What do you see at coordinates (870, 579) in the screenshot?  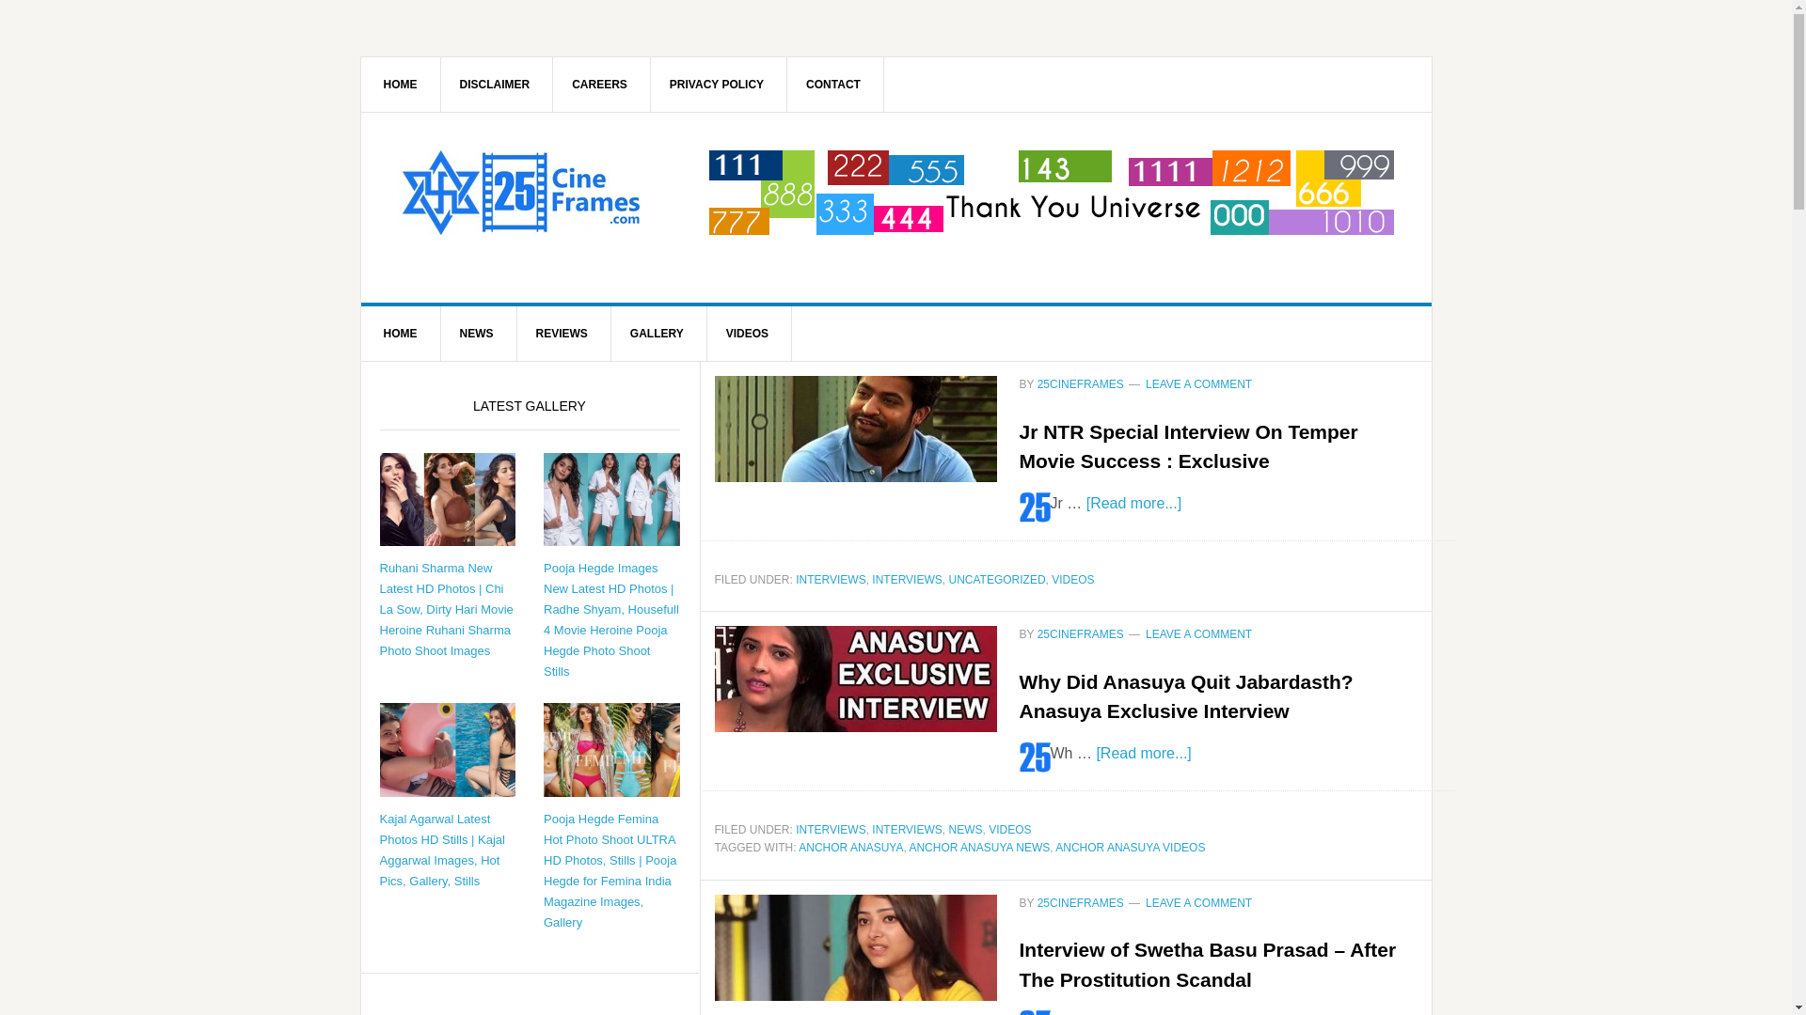 I see `'INTERVIEWS'` at bounding box center [870, 579].